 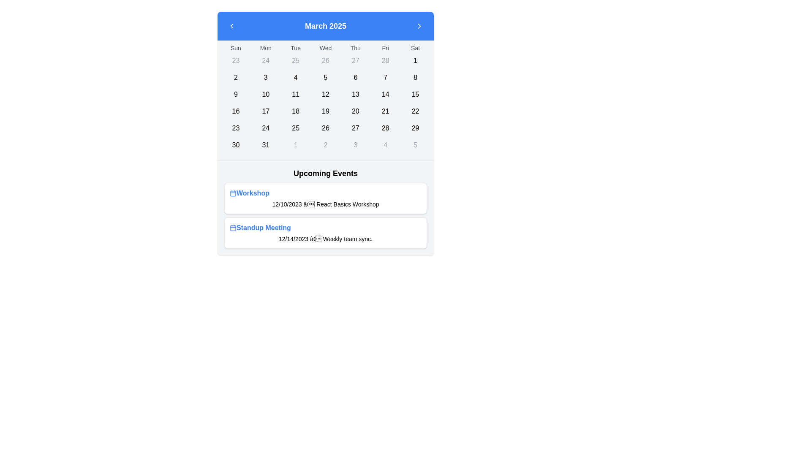 What do you see at coordinates (296, 94) in the screenshot?
I see `the button labeled '11' in the calendar grid view for March 2025` at bounding box center [296, 94].